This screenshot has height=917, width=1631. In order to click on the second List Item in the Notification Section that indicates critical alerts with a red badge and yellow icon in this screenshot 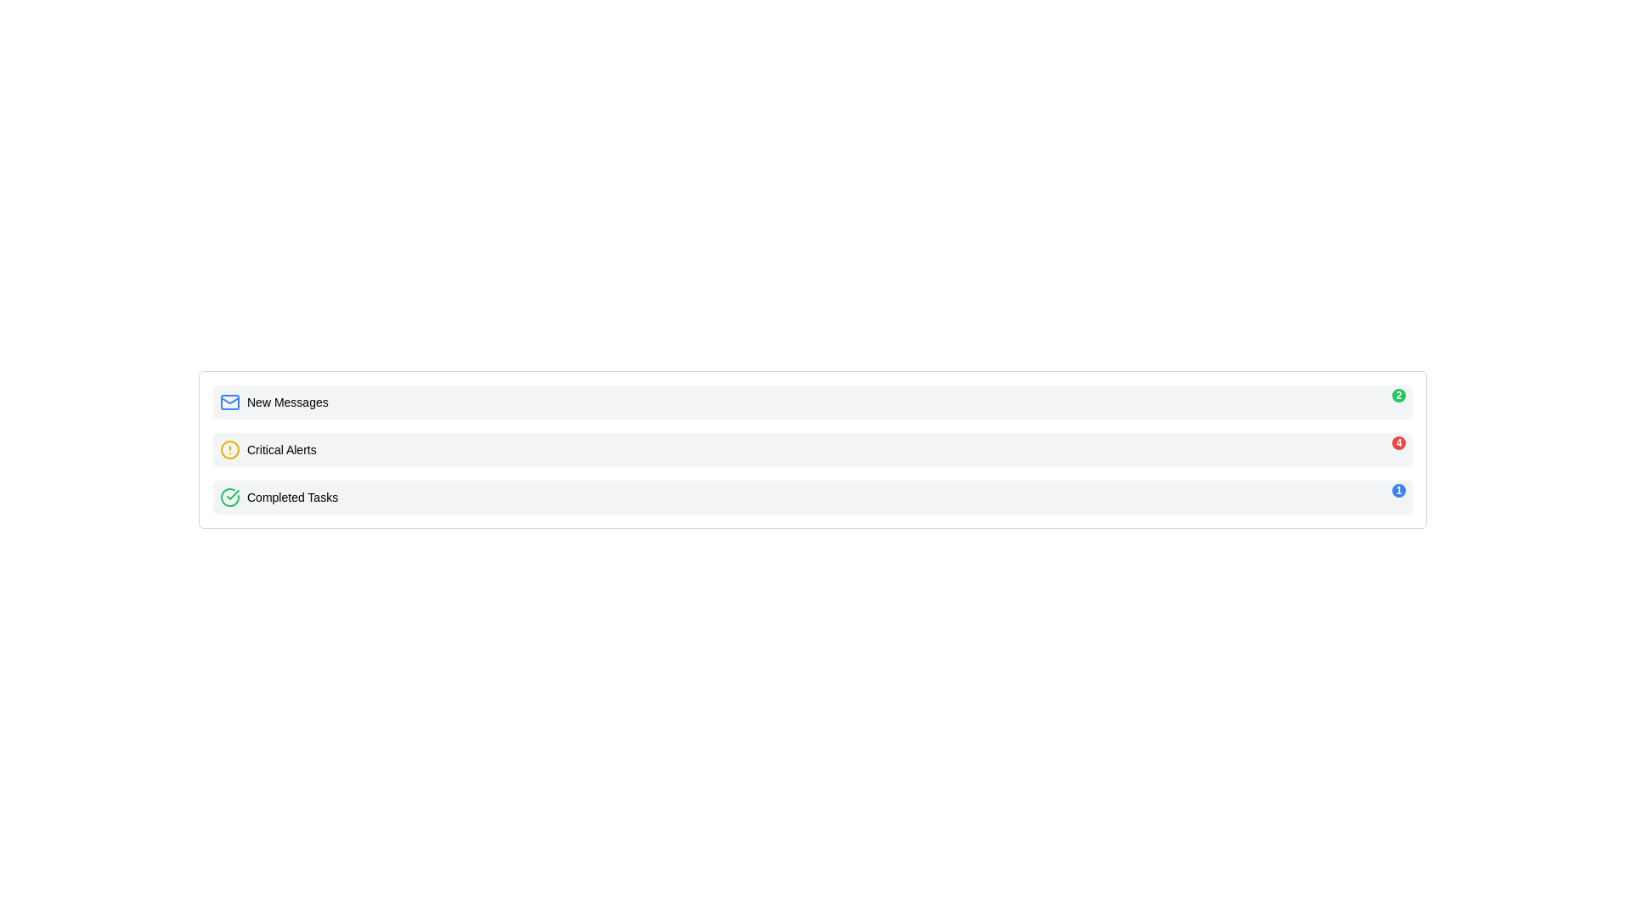, I will do `click(811, 448)`.